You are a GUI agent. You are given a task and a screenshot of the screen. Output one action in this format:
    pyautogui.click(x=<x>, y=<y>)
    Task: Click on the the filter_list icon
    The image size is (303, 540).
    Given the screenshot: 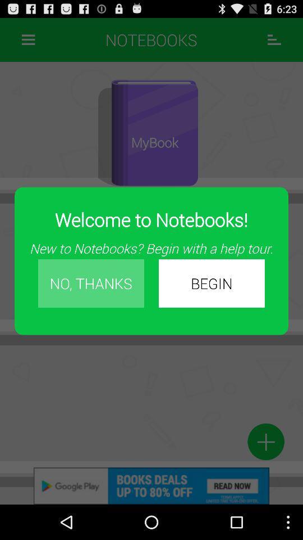 What is the action you would take?
    pyautogui.click(x=274, y=42)
    